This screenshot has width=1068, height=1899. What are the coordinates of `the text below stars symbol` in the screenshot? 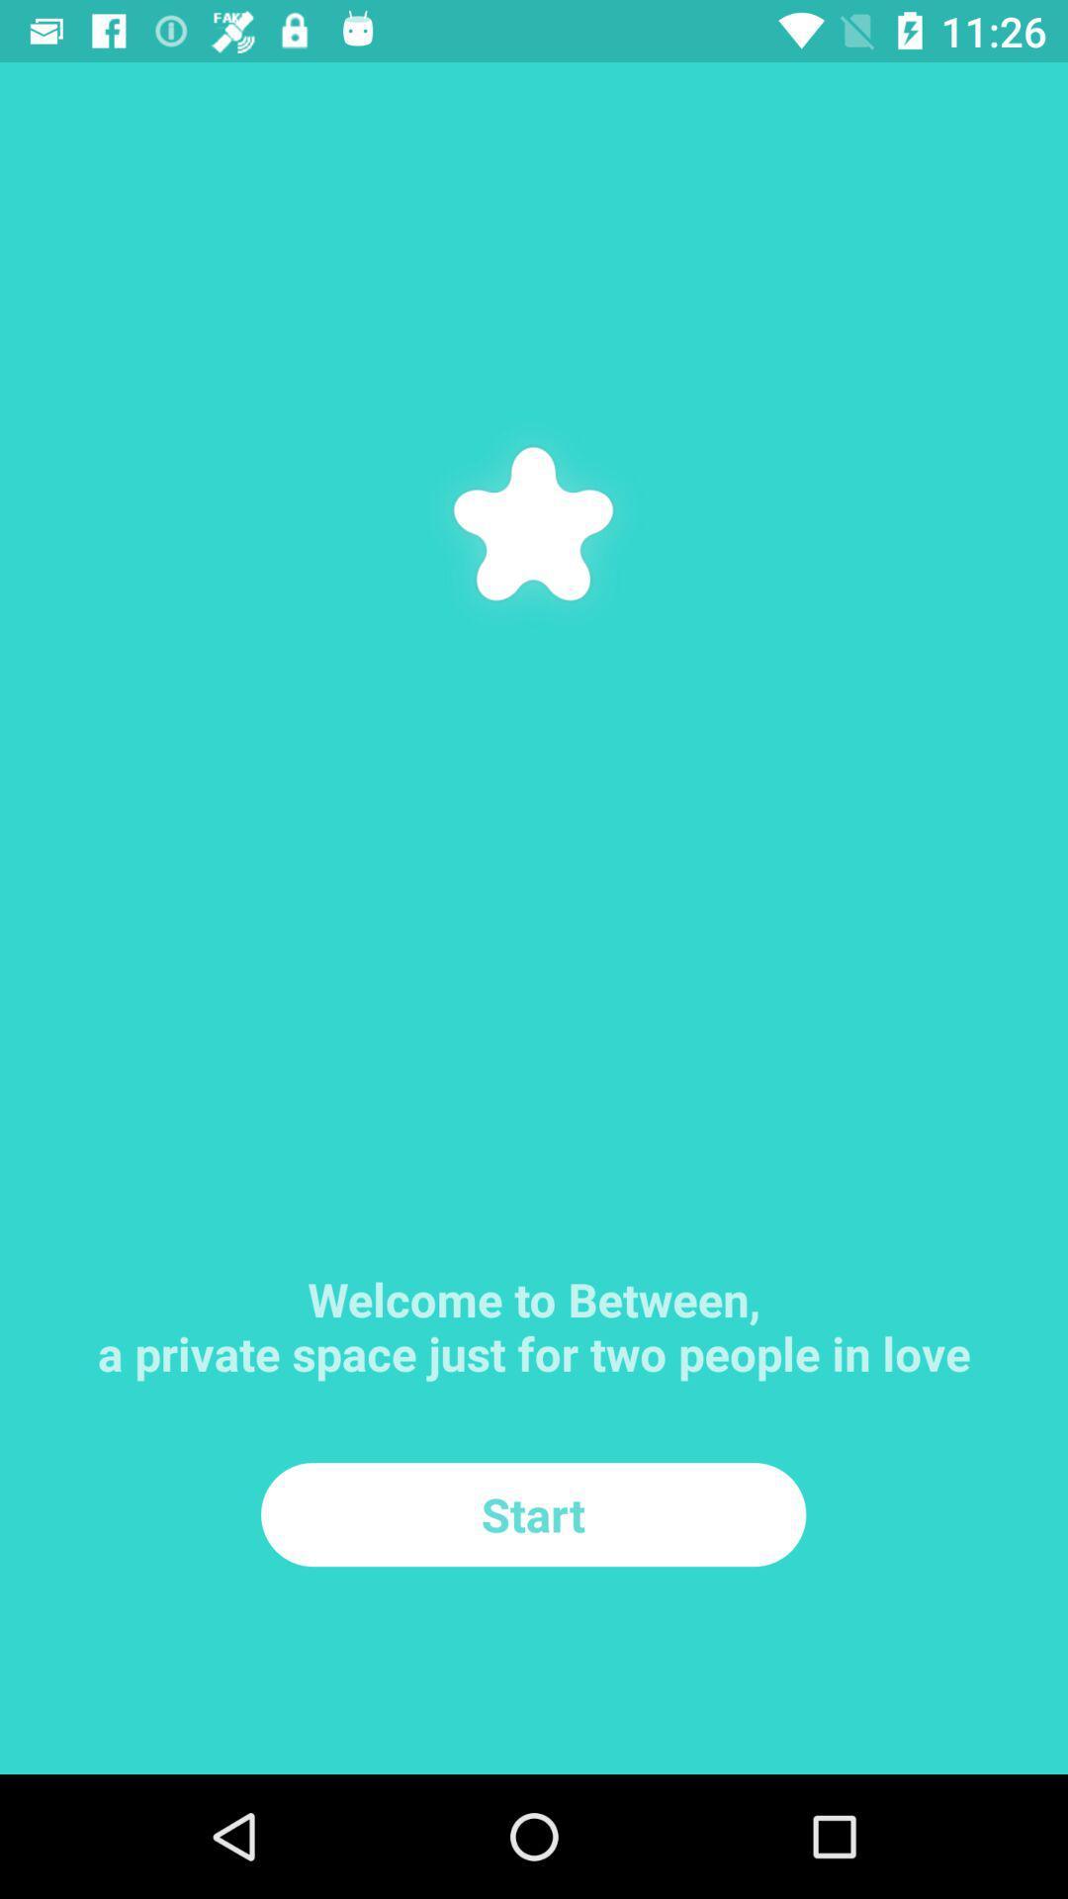 It's located at (534, 1290).